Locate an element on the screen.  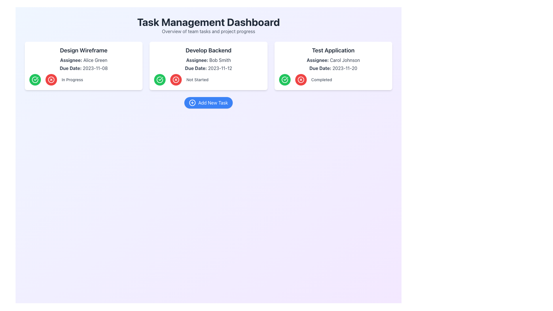
the circular icon within the 'Add New Task' button located at the center-bottom area of the interface is located at coordinates (192, 103).